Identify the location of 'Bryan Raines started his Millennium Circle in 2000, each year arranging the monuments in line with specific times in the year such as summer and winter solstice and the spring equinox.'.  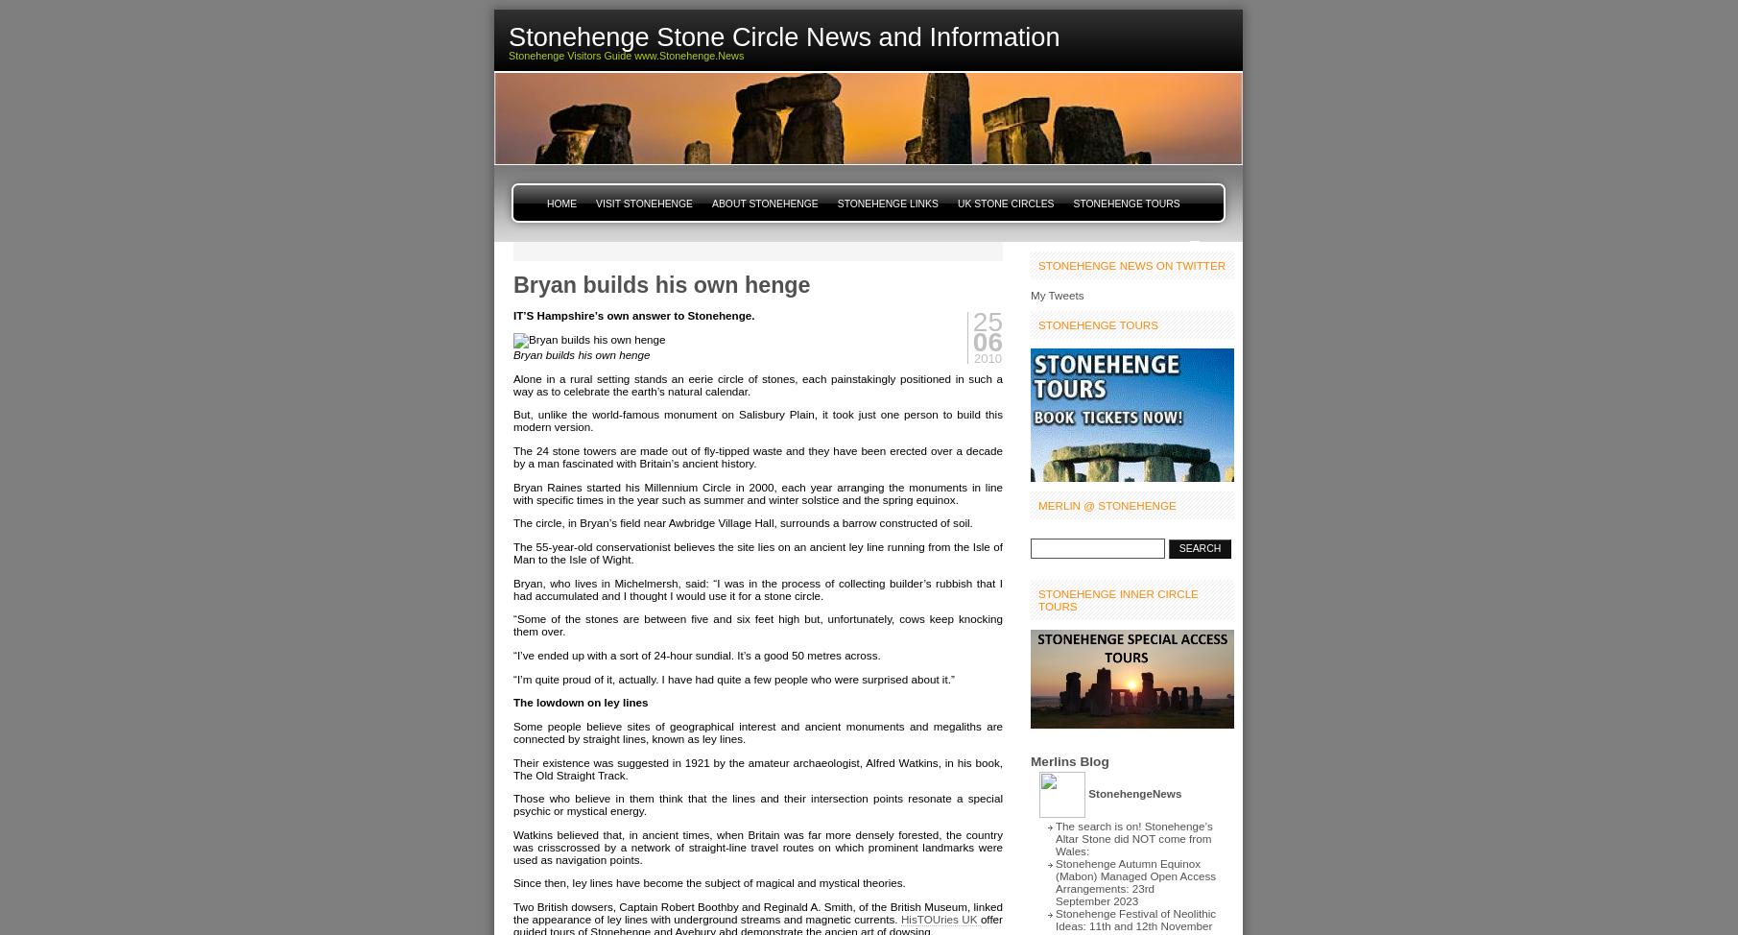
(756, 492).